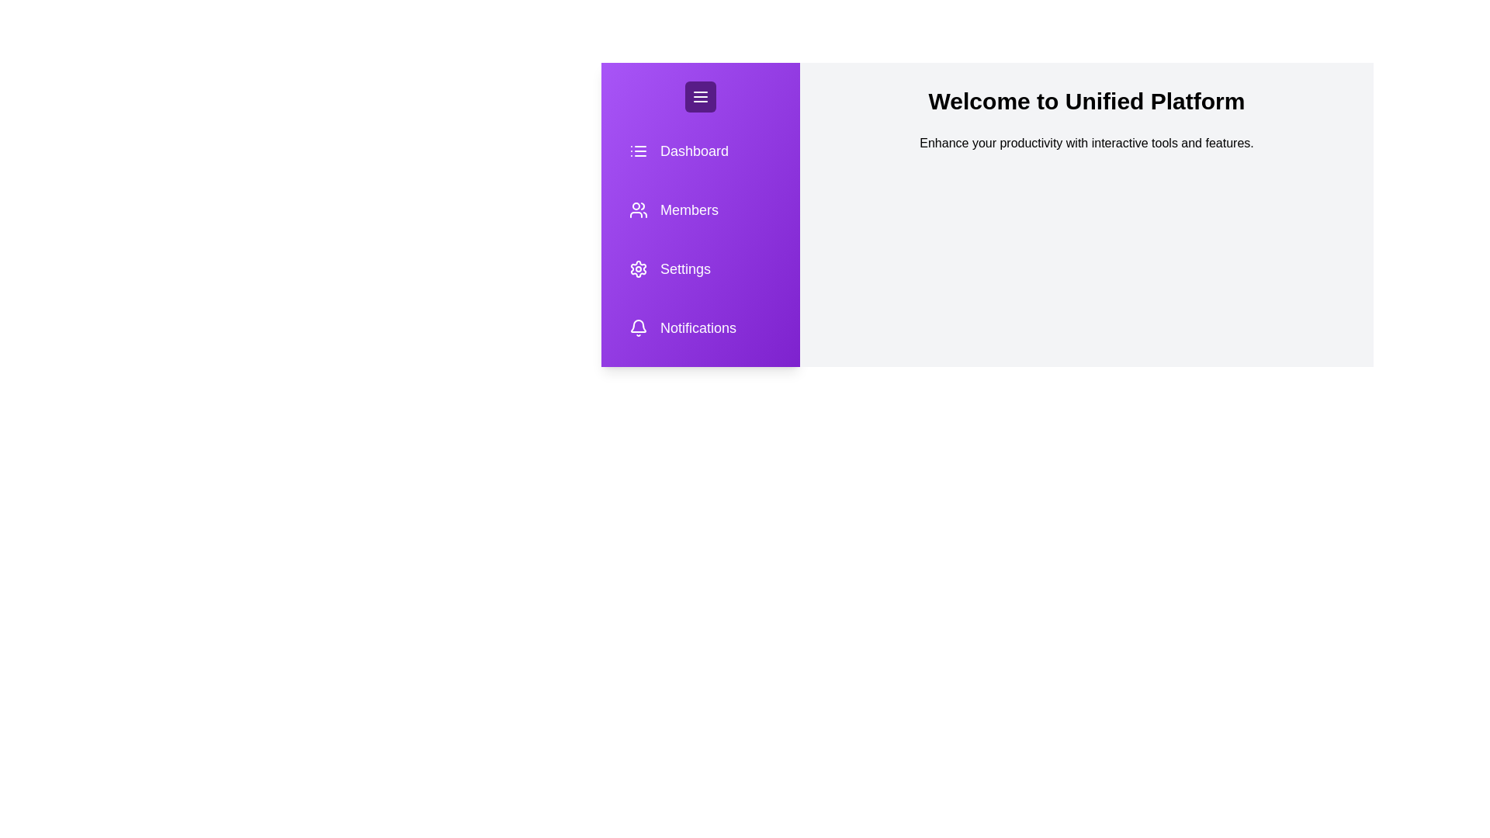 This screenshot has height=838, width=1490. I want to click on the main content area to focus on it, so click(1086, 144).